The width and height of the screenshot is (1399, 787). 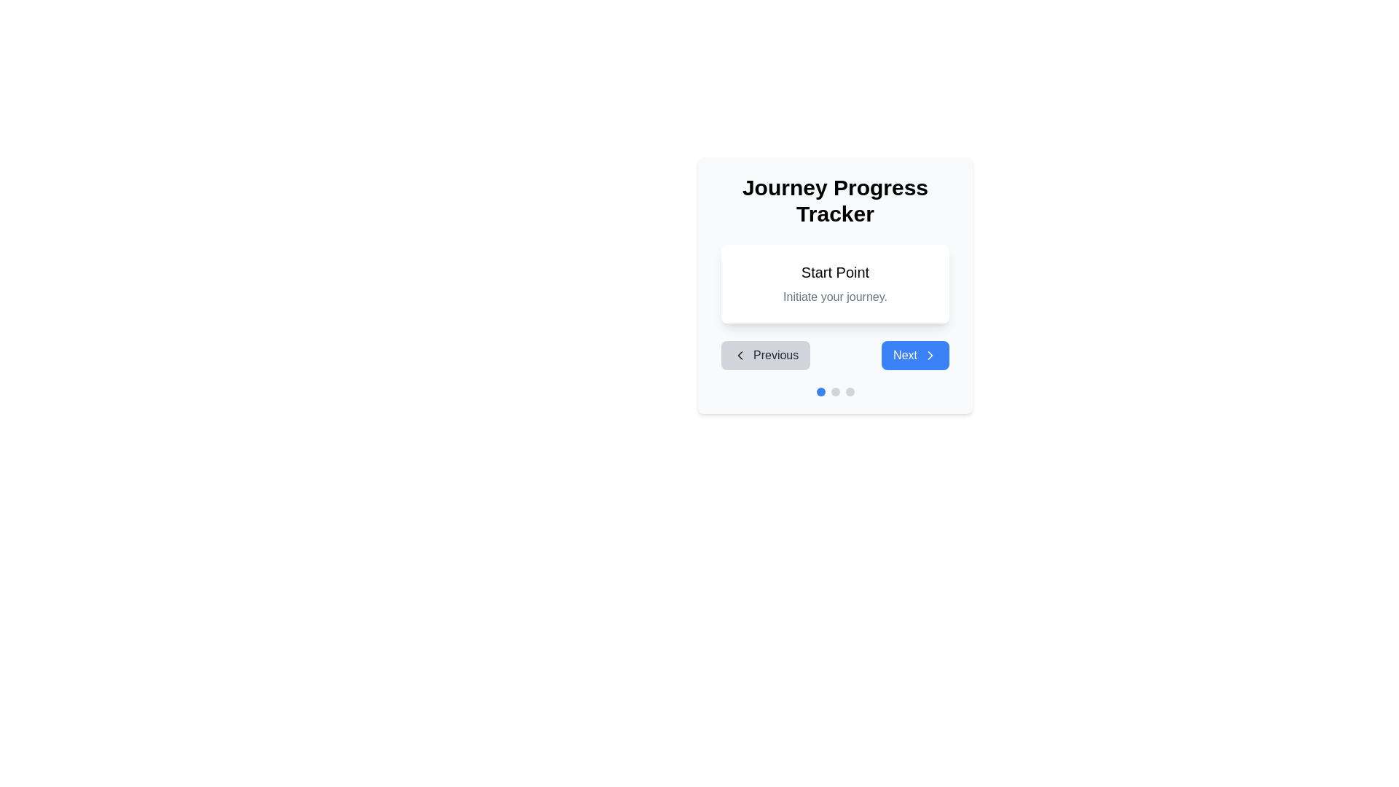 I want to click on the chevron icon located to the left of the 'Previous' text label within the button on the bottom left of the 'Journey Progress Tracker' card interface, so click(x=740, y=356).